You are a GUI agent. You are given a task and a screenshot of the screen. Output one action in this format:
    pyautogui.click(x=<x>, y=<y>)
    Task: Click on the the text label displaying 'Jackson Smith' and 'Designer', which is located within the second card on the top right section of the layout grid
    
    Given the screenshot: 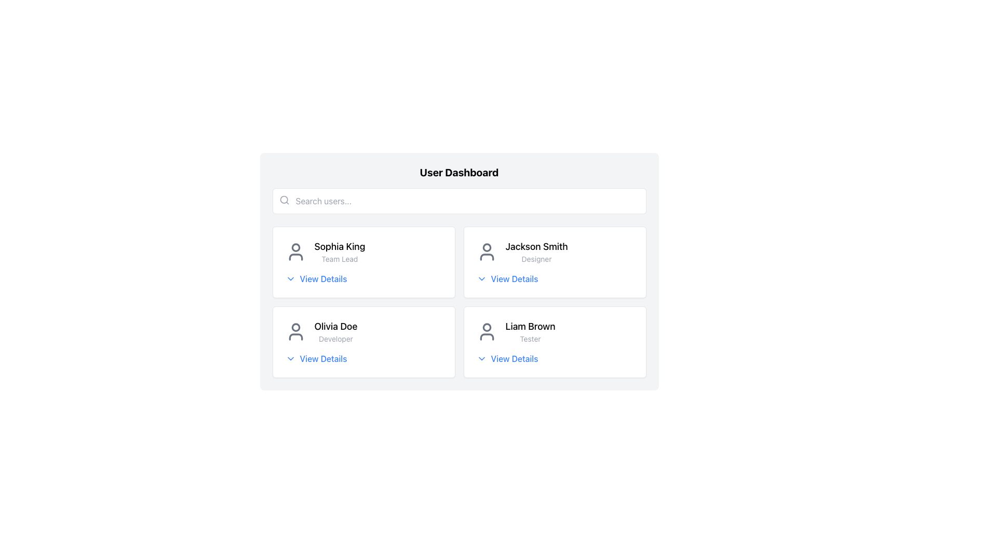 What is the action you would take?
    pyautogui.click(x=554, y=252)
    